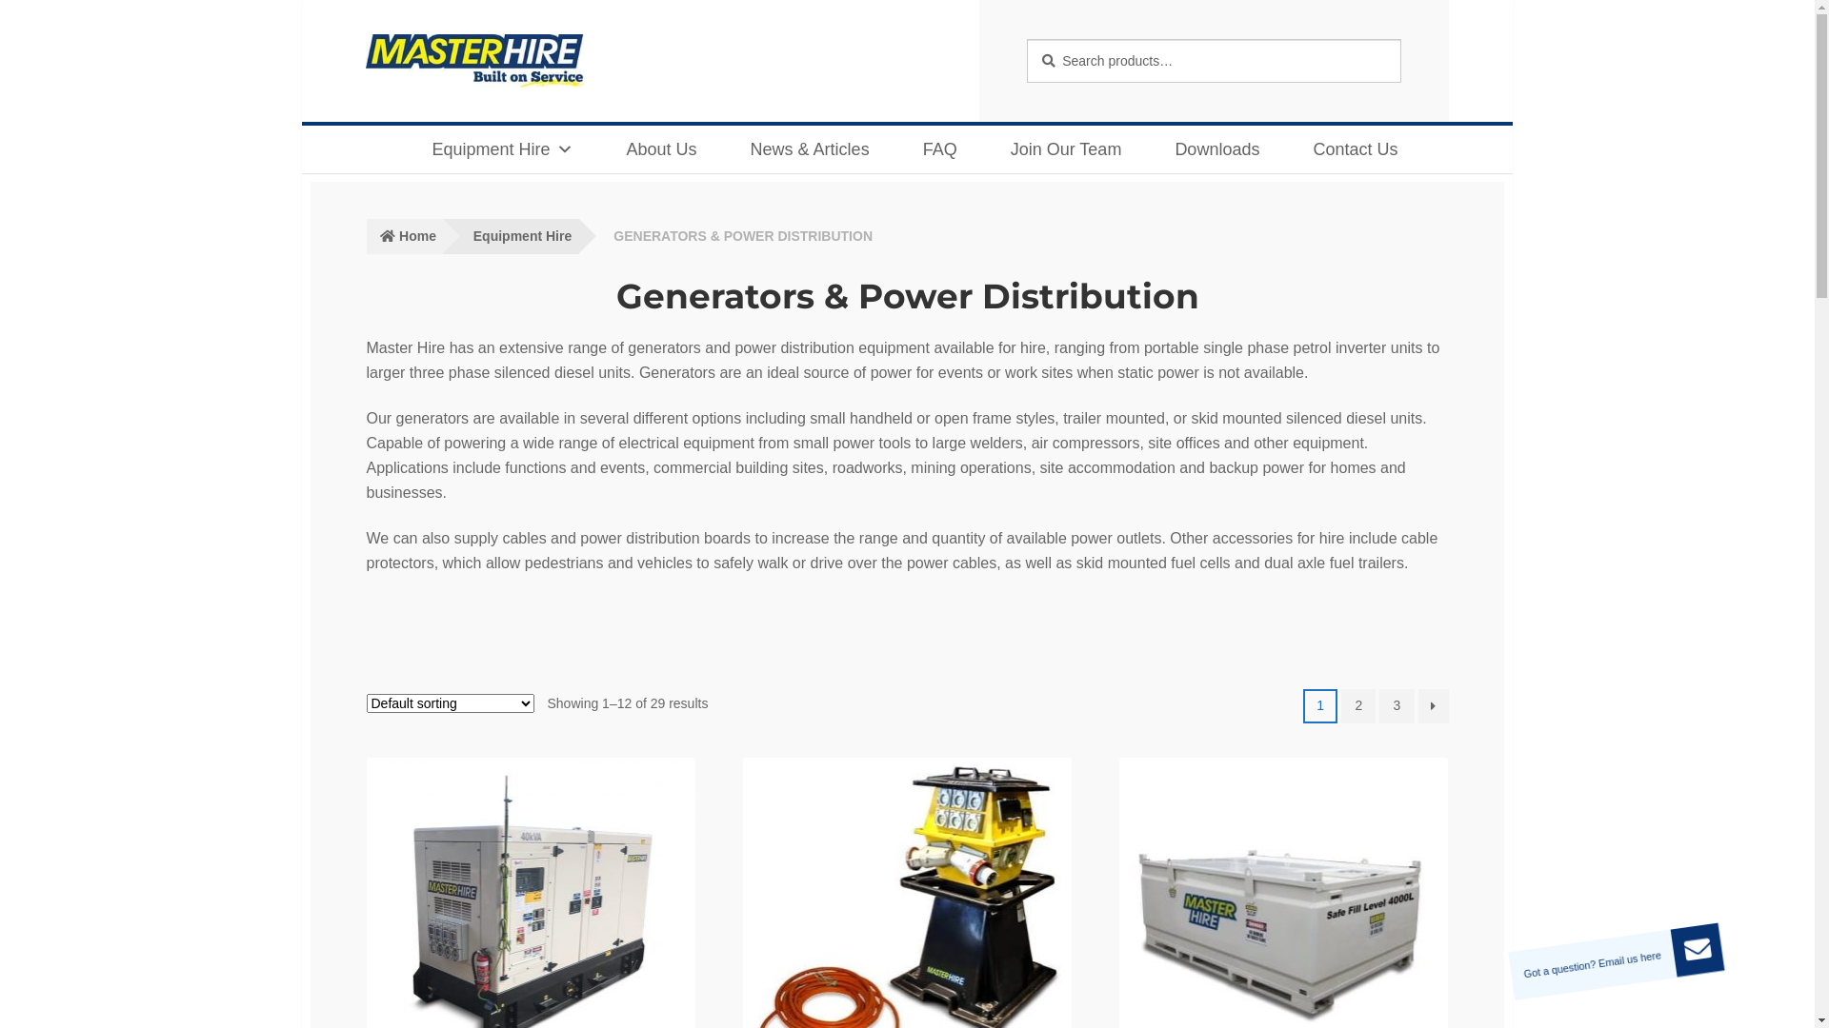 The width and height of the screenshot is (1829, 1028). I want to click on 'Search', so click(1025, 38).